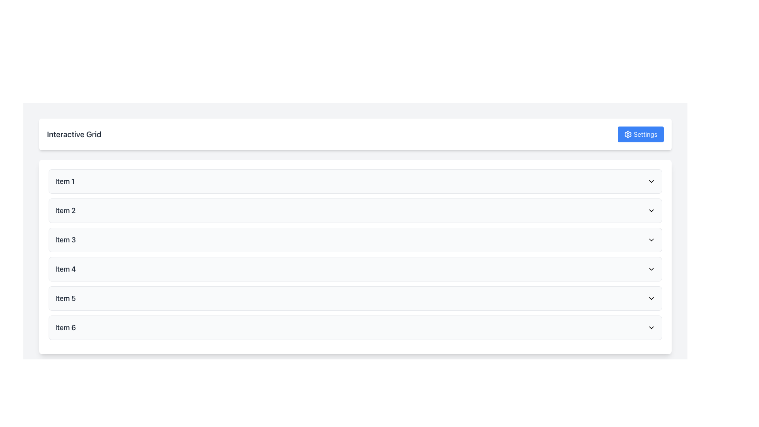  Describe the element at coordinates (641, 134) in the screenshot. I see `the 'Settings' button, which has a blue background, white text, and a gear icon, located in the top-right corner of the Interactive Grid layout` at that location.